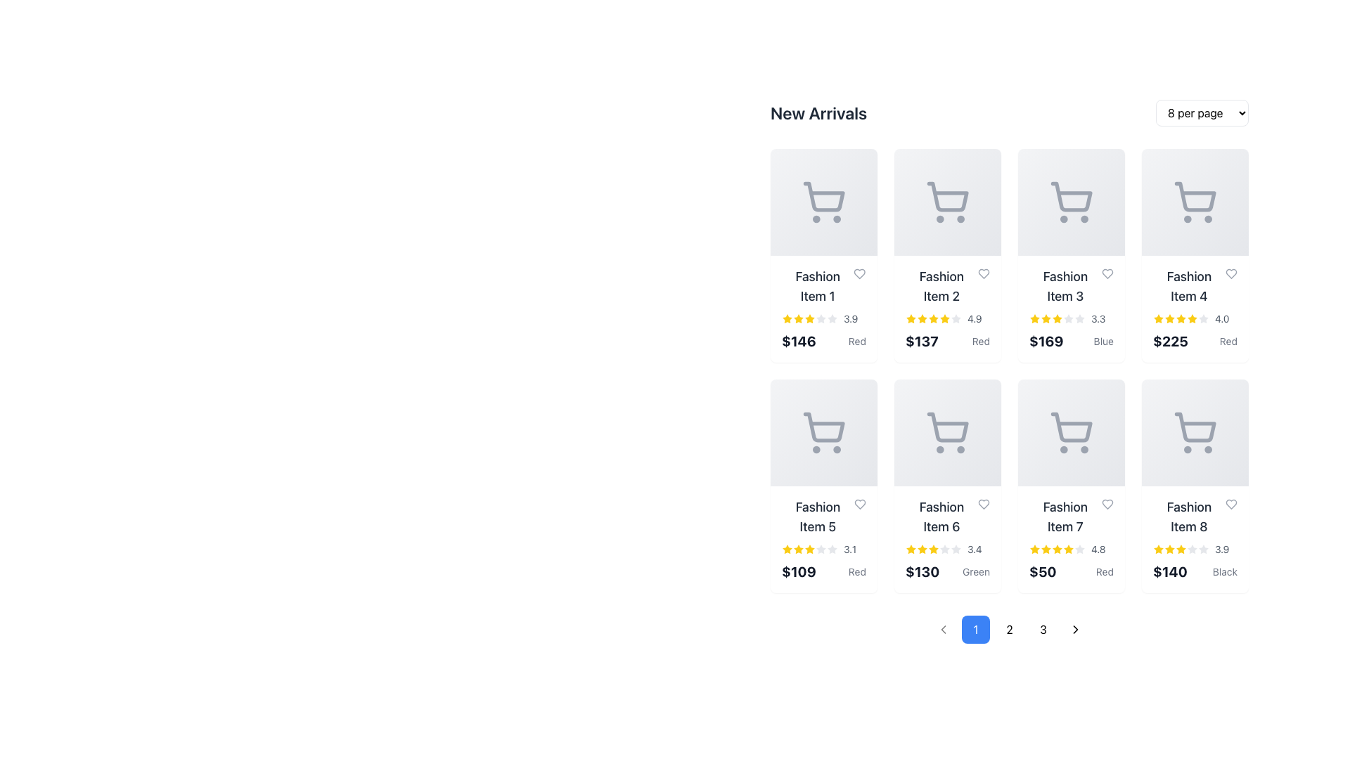 This screenshot has height=759, width=1350. What do you see at coordinates (1107, 503) in the screenshot?
I see `the heart icon button located at the top-right corner of the card displaying 'Fashion Item 7' to favorite the item` at bounding box center [1107, 503].